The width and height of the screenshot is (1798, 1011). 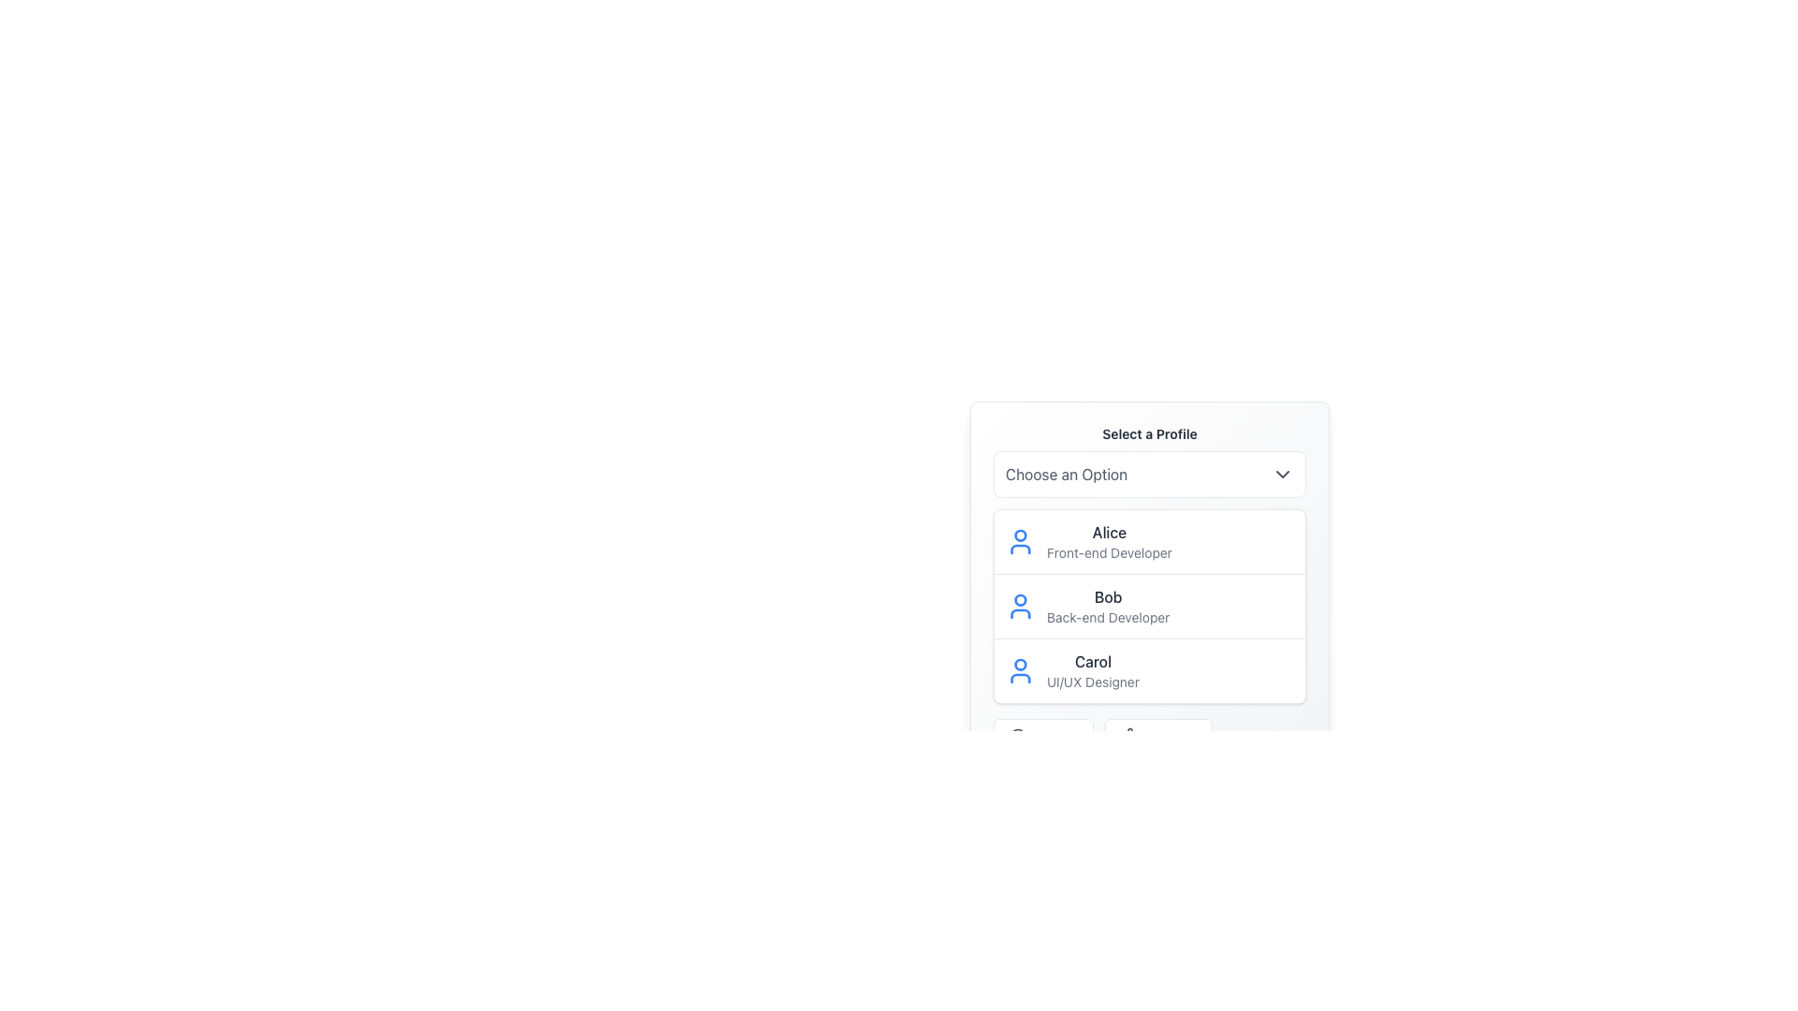 What do you see at coordinates (1149, 541) in the screenshot?
I see `the first selectable list item representing the user profile 'Alice', which includes an avatar icon and descriptive text 'Front-end Developer'` at bounding box center [1149, 541].